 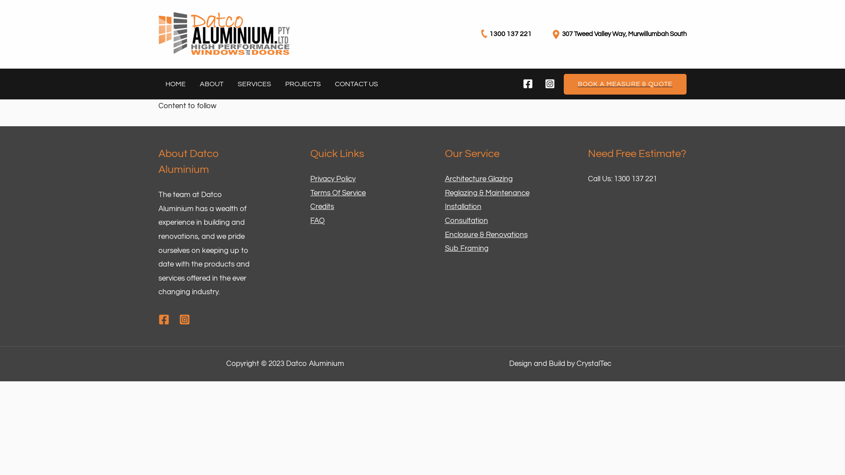 What do you see at coordinates (310, 179) in the screenshot?
I see `'Privacy Policy'` at bounding box center [310, 179].